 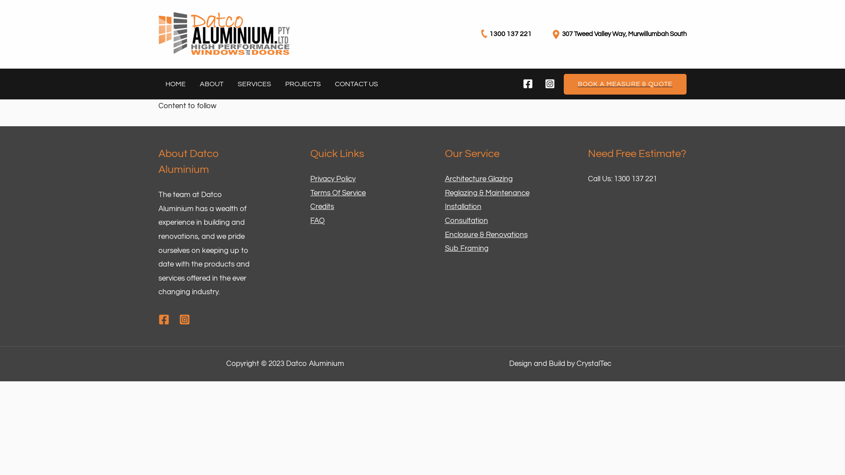 What do you see at coordinates (310, 179) in the screenshot?
I see `'Privacy Policy'` at bounding box center [310, 179].